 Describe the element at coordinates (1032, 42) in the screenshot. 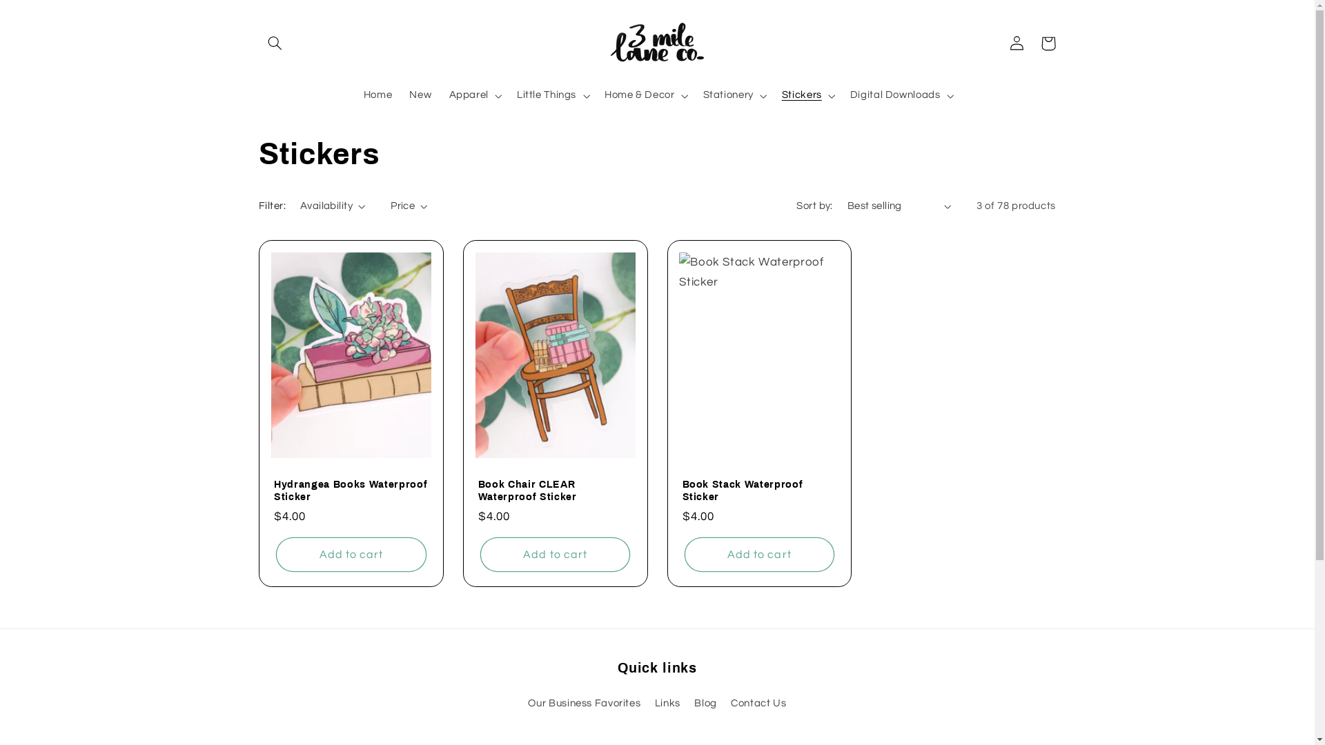

I see `'Cart'` at that location.